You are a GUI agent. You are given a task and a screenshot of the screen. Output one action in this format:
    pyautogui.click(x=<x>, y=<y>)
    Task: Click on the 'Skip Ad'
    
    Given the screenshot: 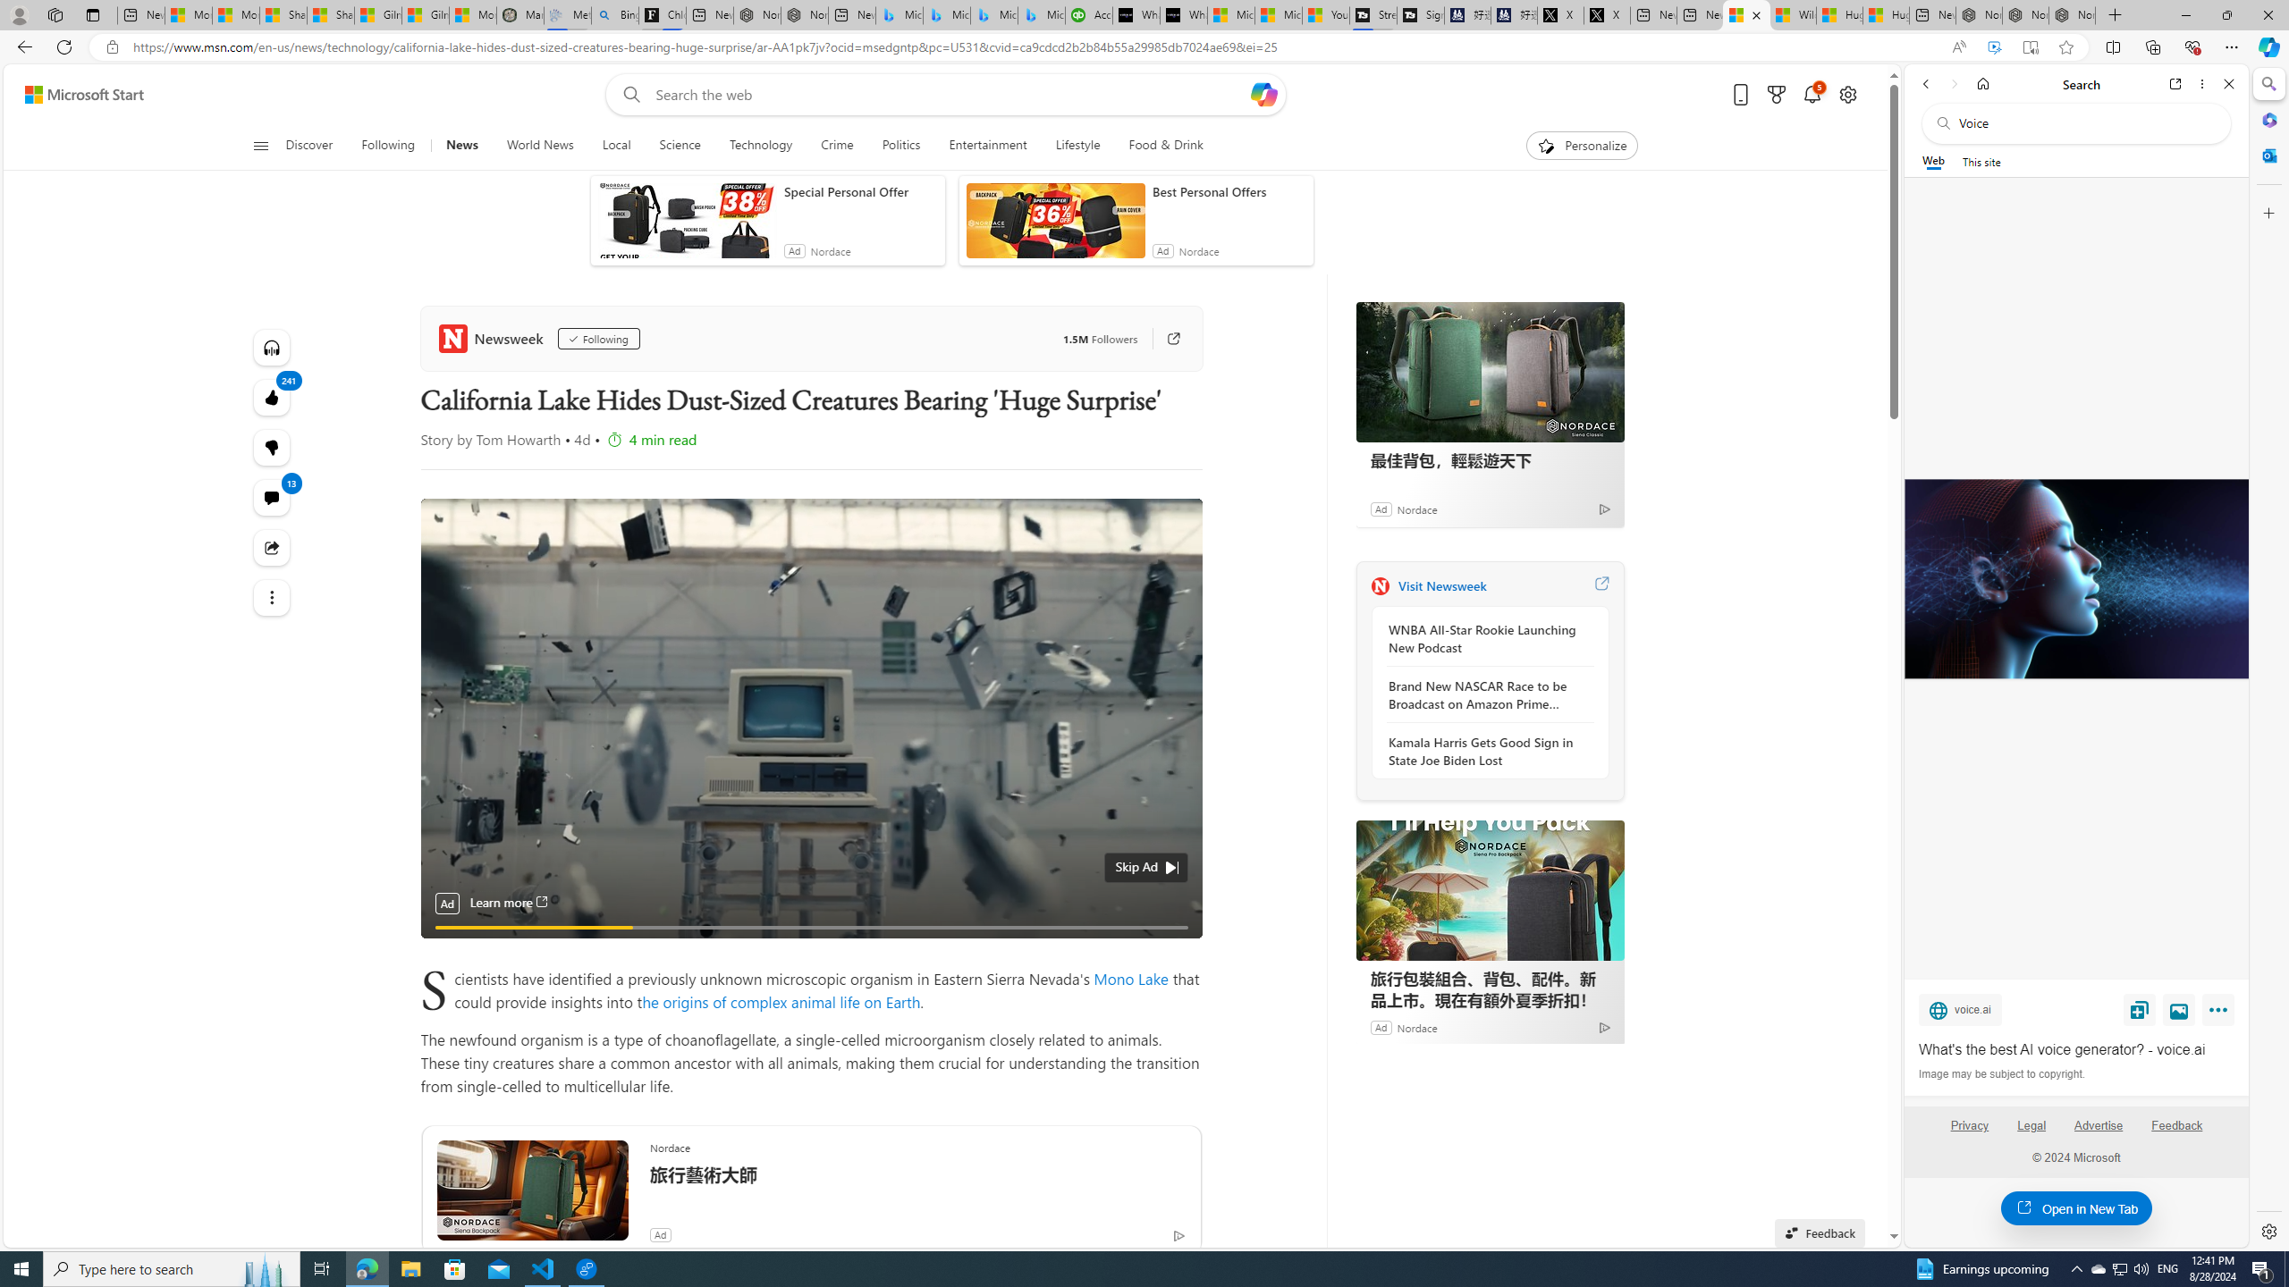 What is the action you would take?
    pyautogui.click(x=1136, y=866)
    